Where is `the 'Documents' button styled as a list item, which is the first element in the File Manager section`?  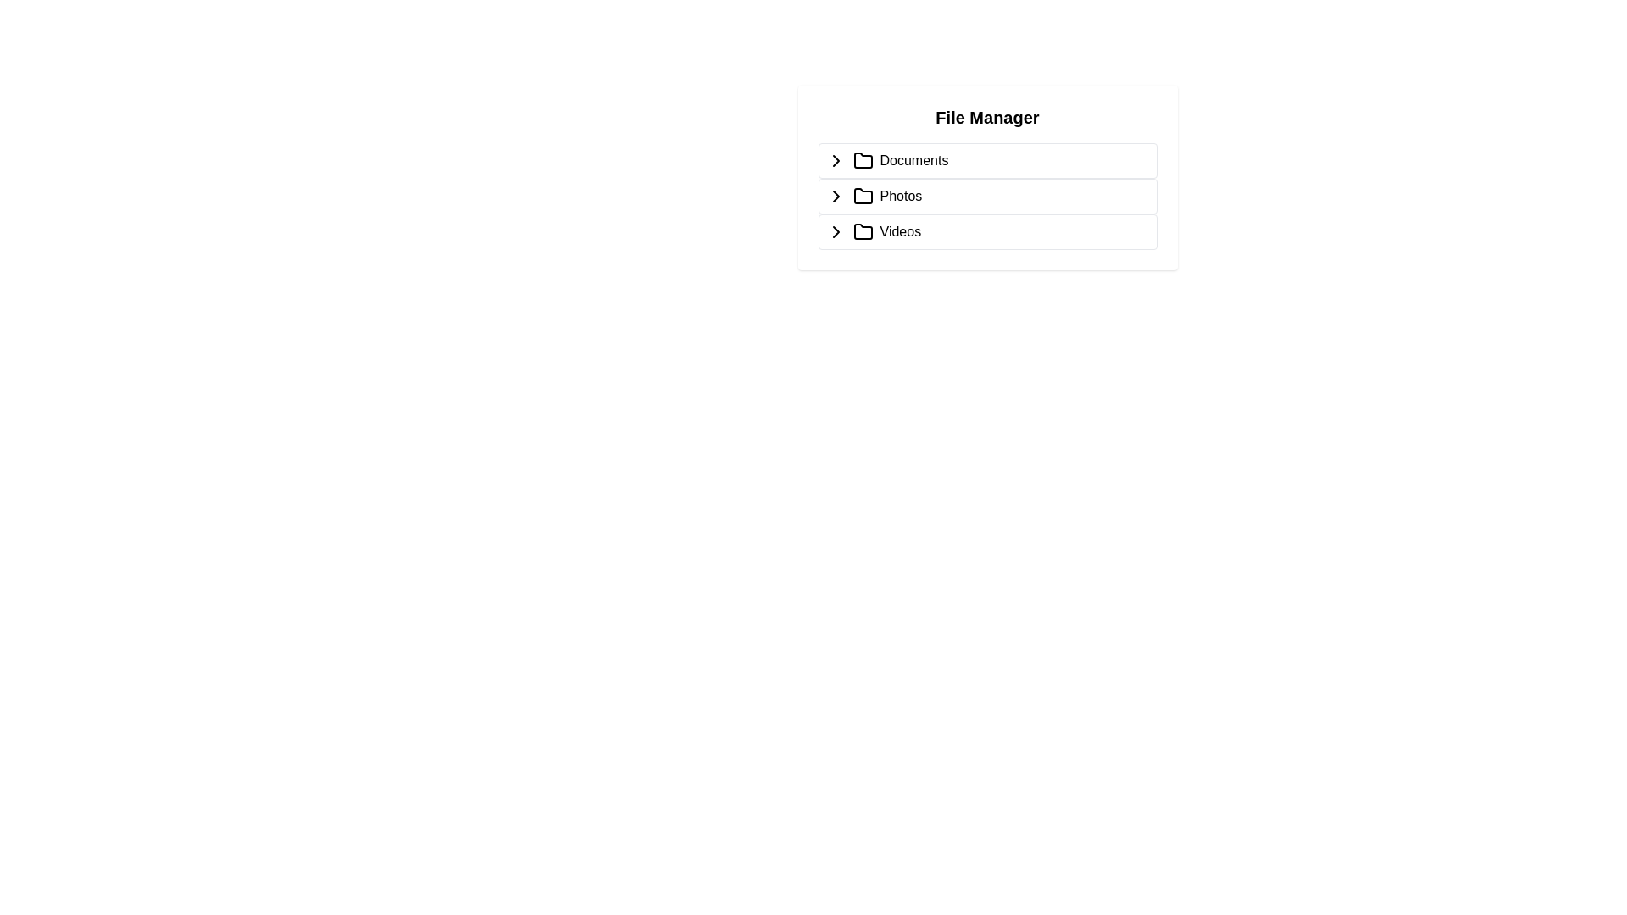 the 'Documents' button styled as a list item, which is the first element in the File Manager section is located at coordinates (987, 160).